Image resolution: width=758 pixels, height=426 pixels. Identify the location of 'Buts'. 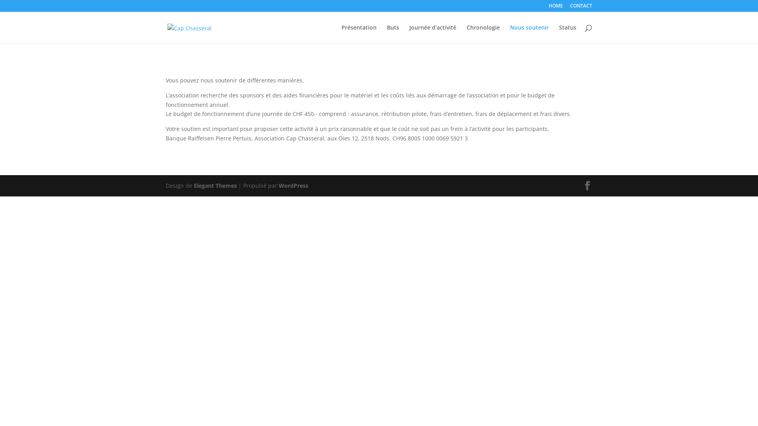
(387, 34).